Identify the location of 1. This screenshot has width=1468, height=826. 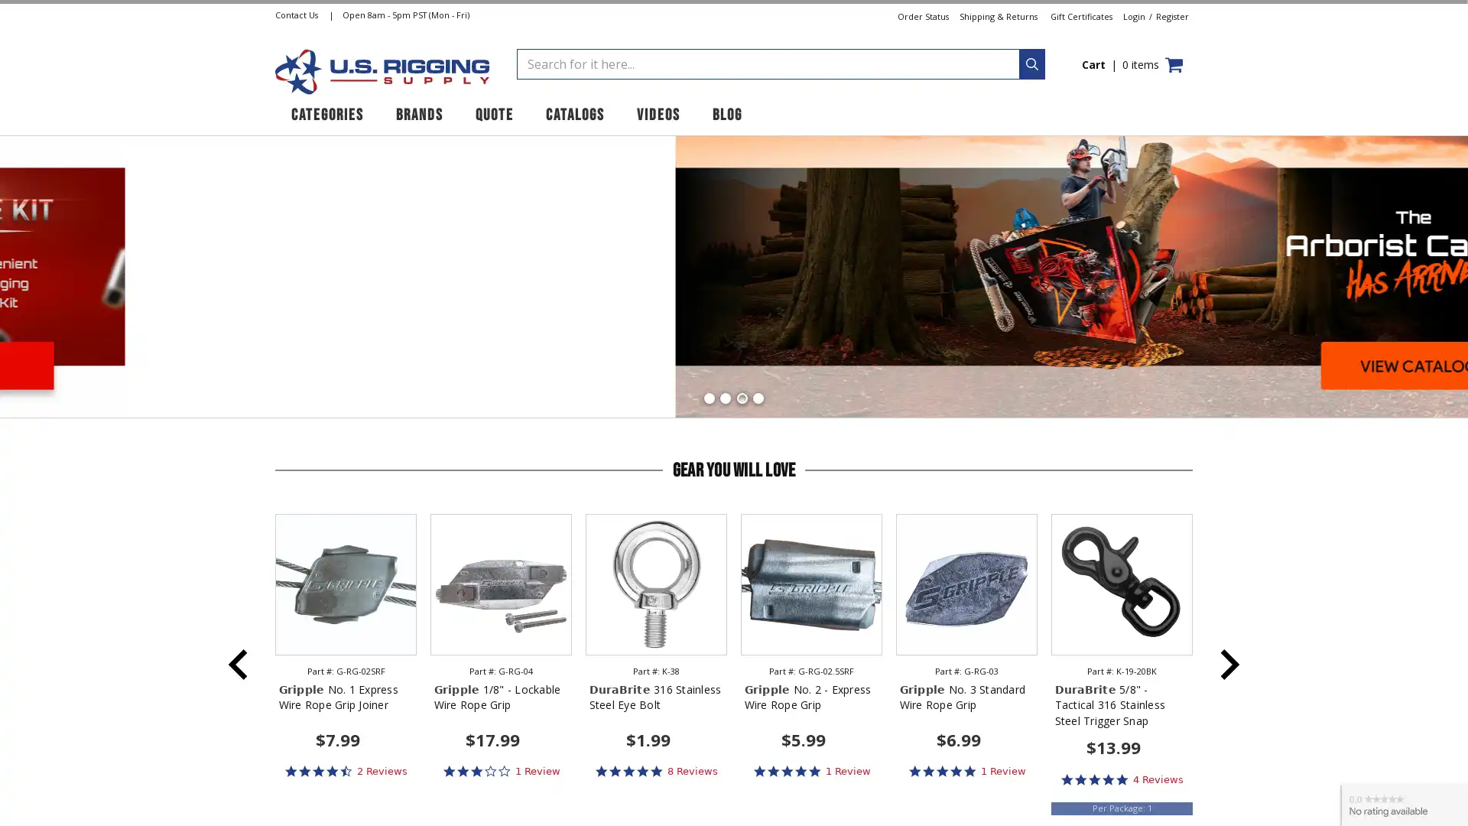
(708, 397).